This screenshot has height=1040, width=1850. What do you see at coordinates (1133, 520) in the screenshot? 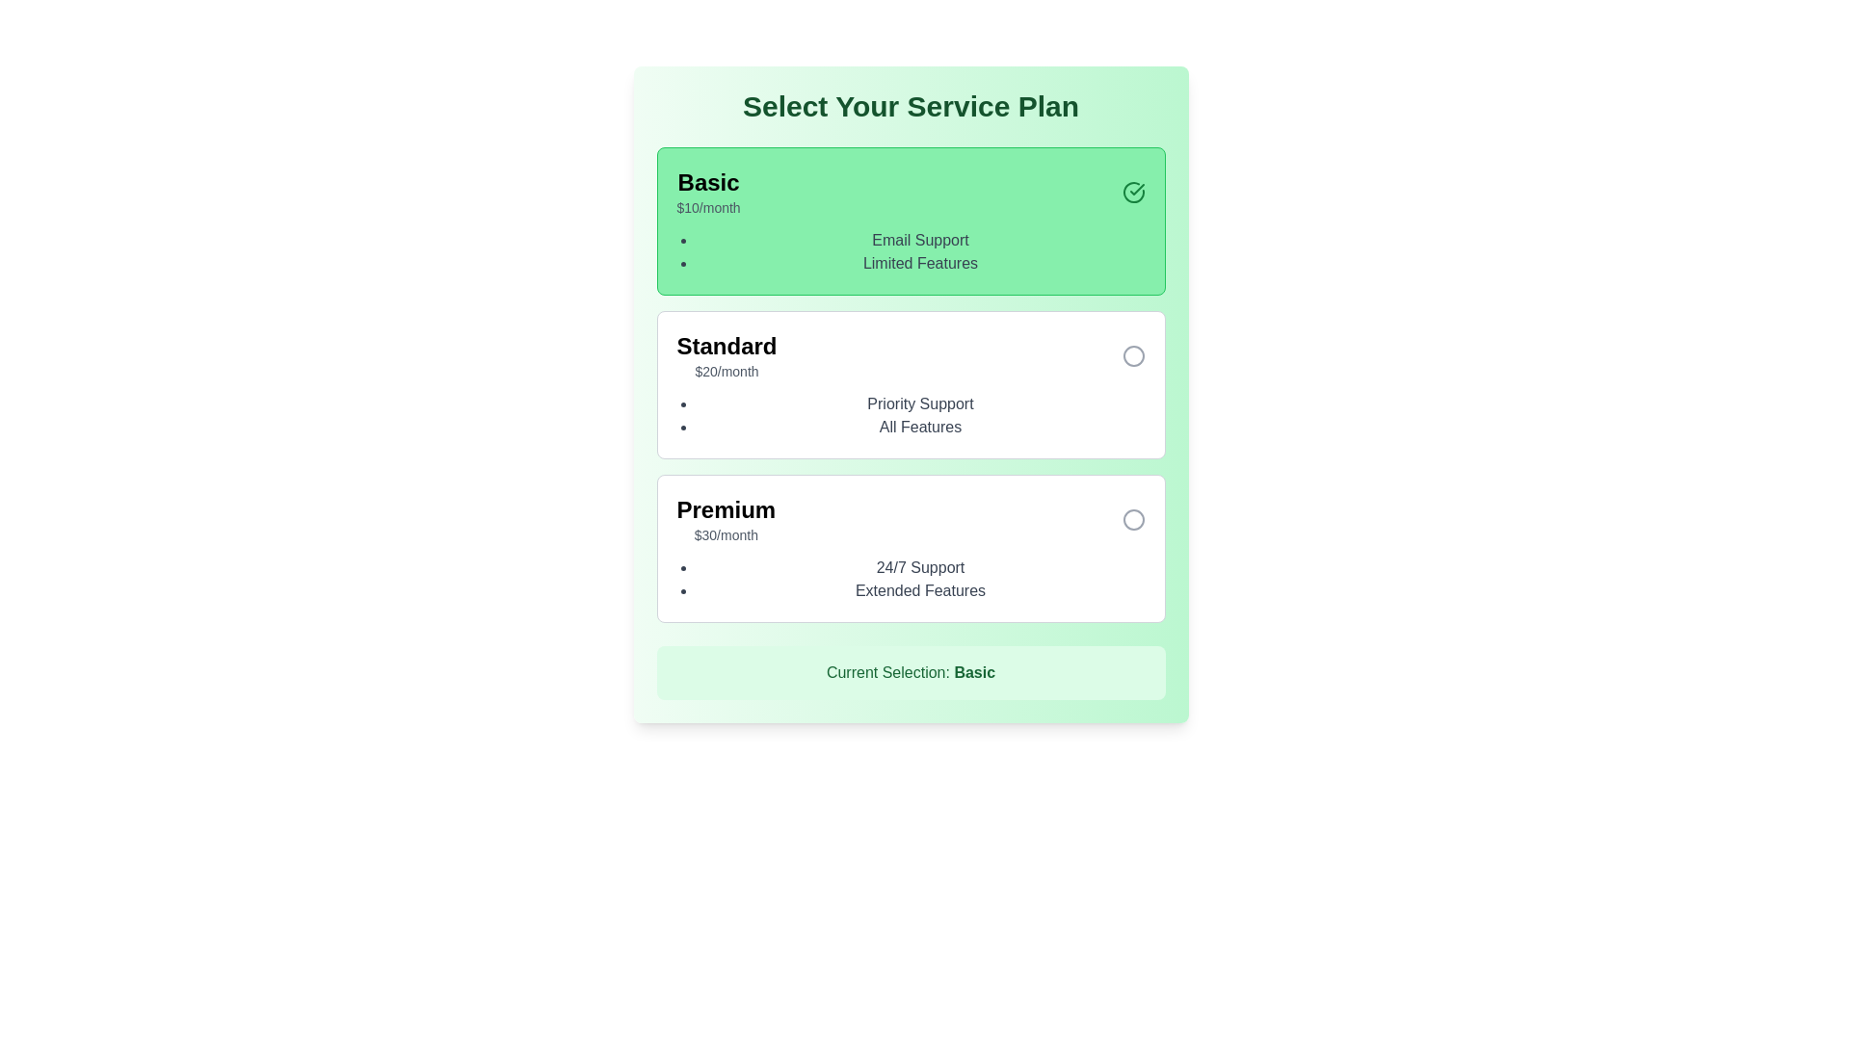
I see `the radio button styled as an SVG circle` at bounding box center [1133, 520].